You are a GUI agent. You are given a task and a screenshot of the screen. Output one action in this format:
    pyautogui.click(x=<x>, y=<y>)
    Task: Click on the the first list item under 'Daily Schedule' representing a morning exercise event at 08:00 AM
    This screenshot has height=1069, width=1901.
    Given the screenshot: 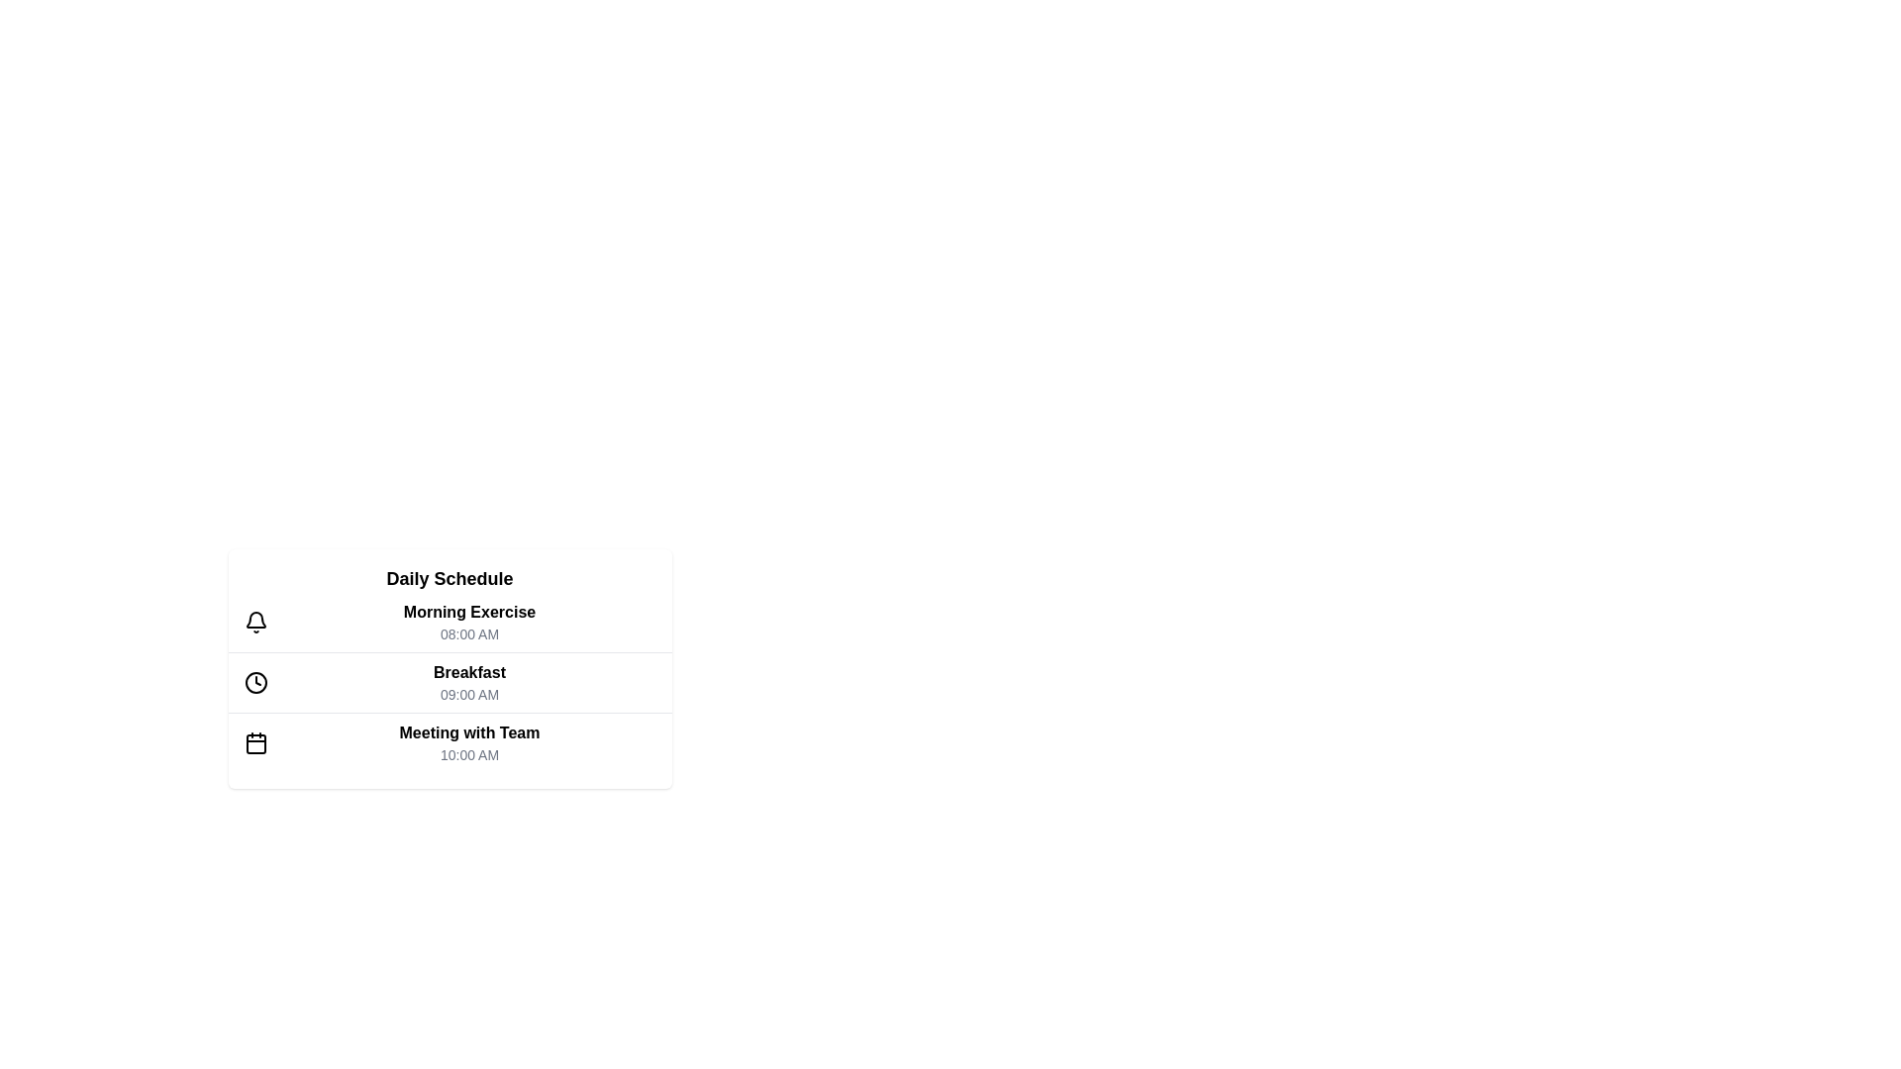 What is the action you would take?
    pyautogui.click(x=449, y=621)
    